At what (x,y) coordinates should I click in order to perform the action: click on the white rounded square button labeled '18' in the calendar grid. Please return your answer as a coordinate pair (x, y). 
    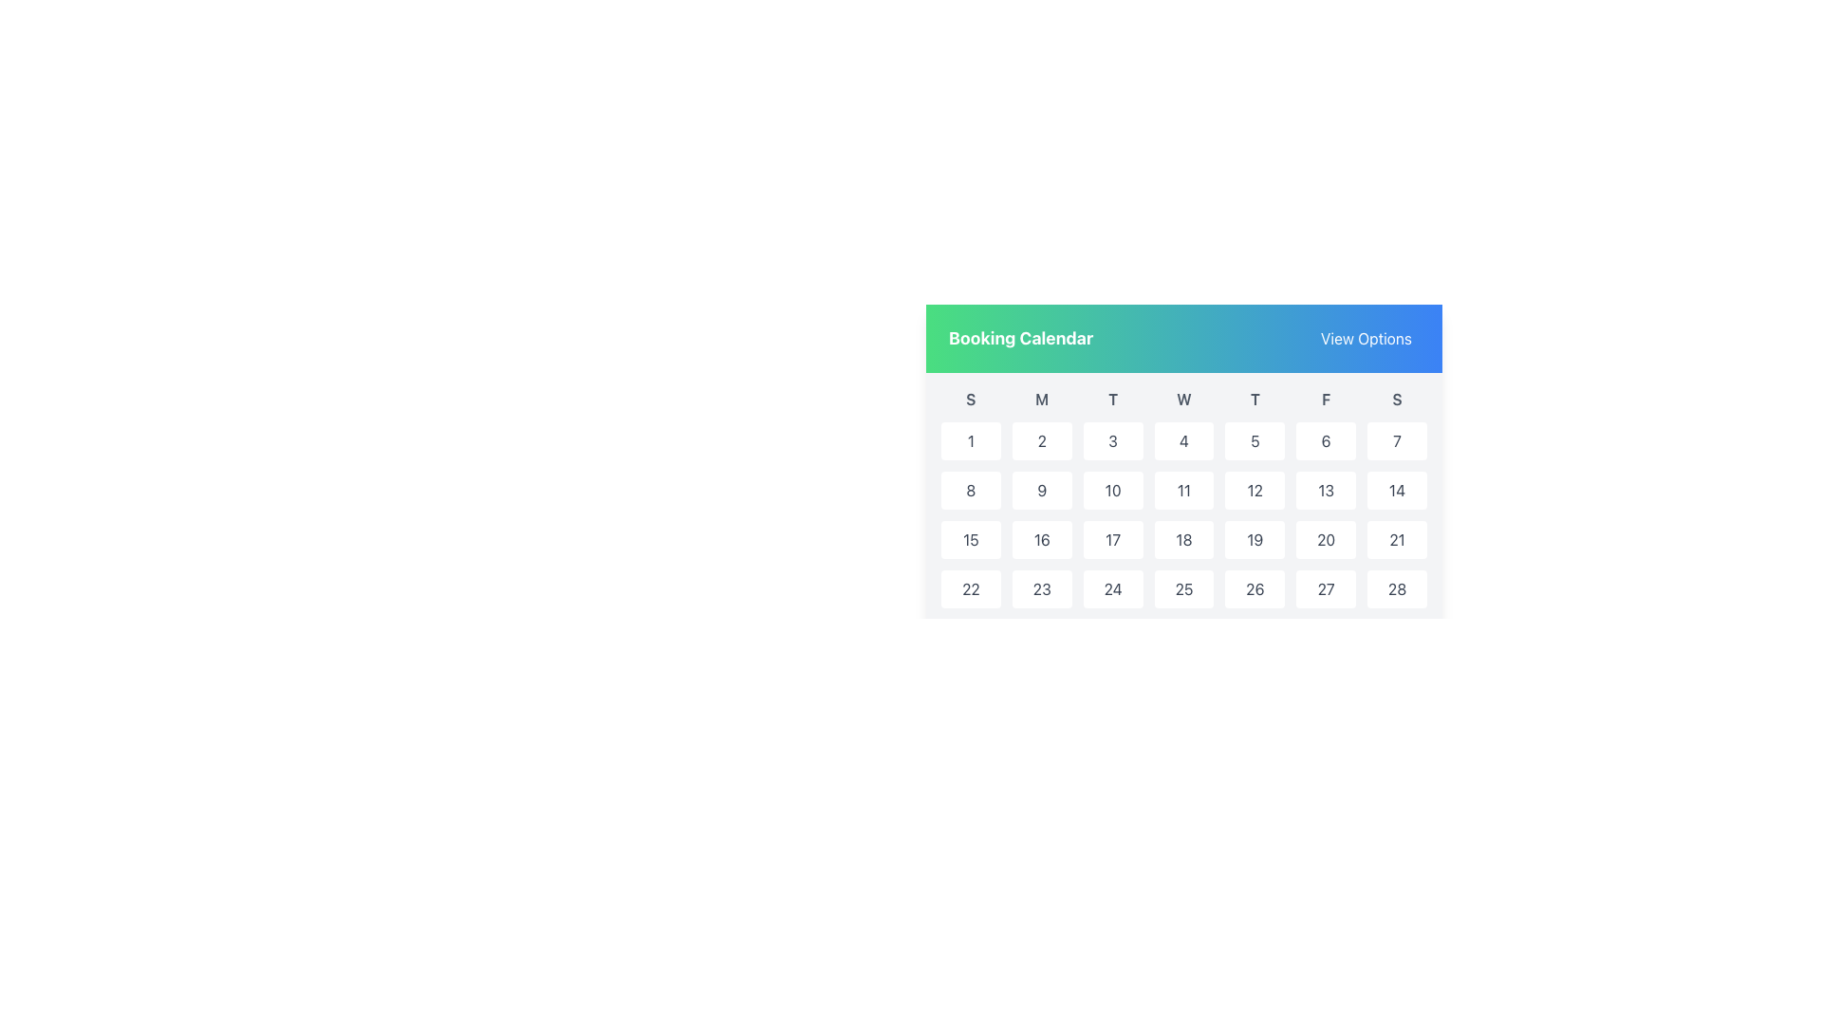
    Looking at the image, I should click on (1183, 540).